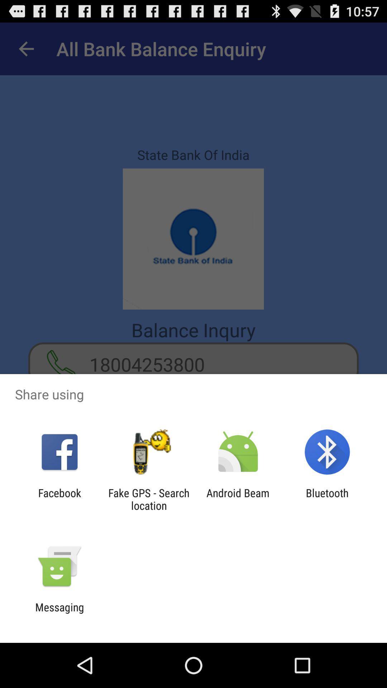 The image size is (387, 688). Describe the element at coordinates (238, 499) in the screenshot. I see `the android beam item` at that location.